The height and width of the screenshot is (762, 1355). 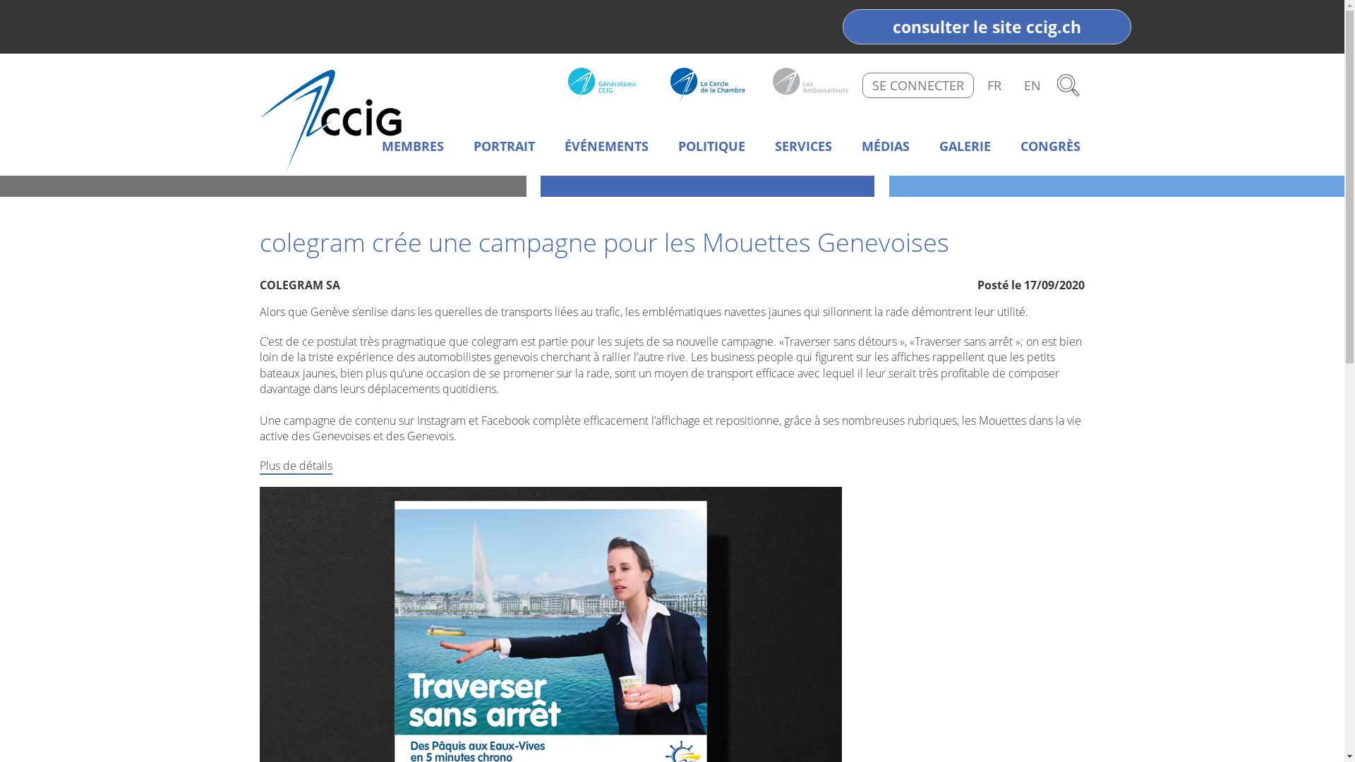 I want to click on 'PORTRAIT', so click(x=504, y=147).